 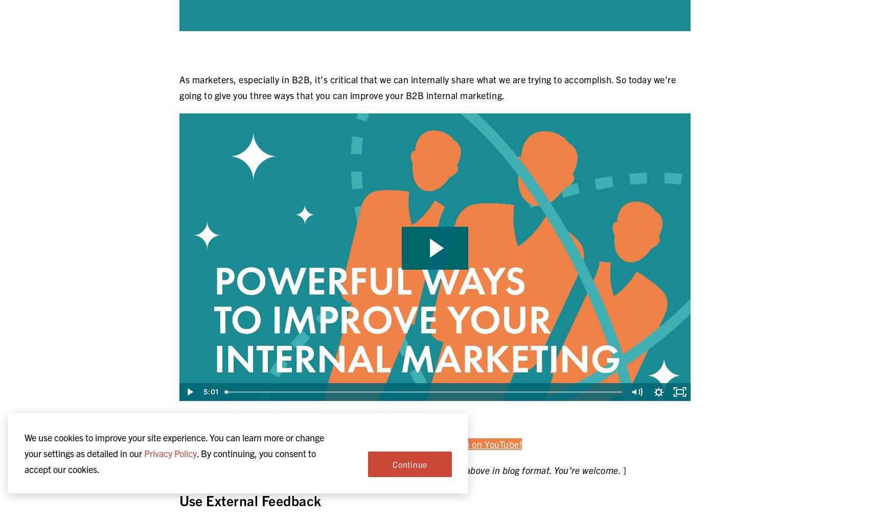 I want to click on 'Continue', so click(x=392, y=464).